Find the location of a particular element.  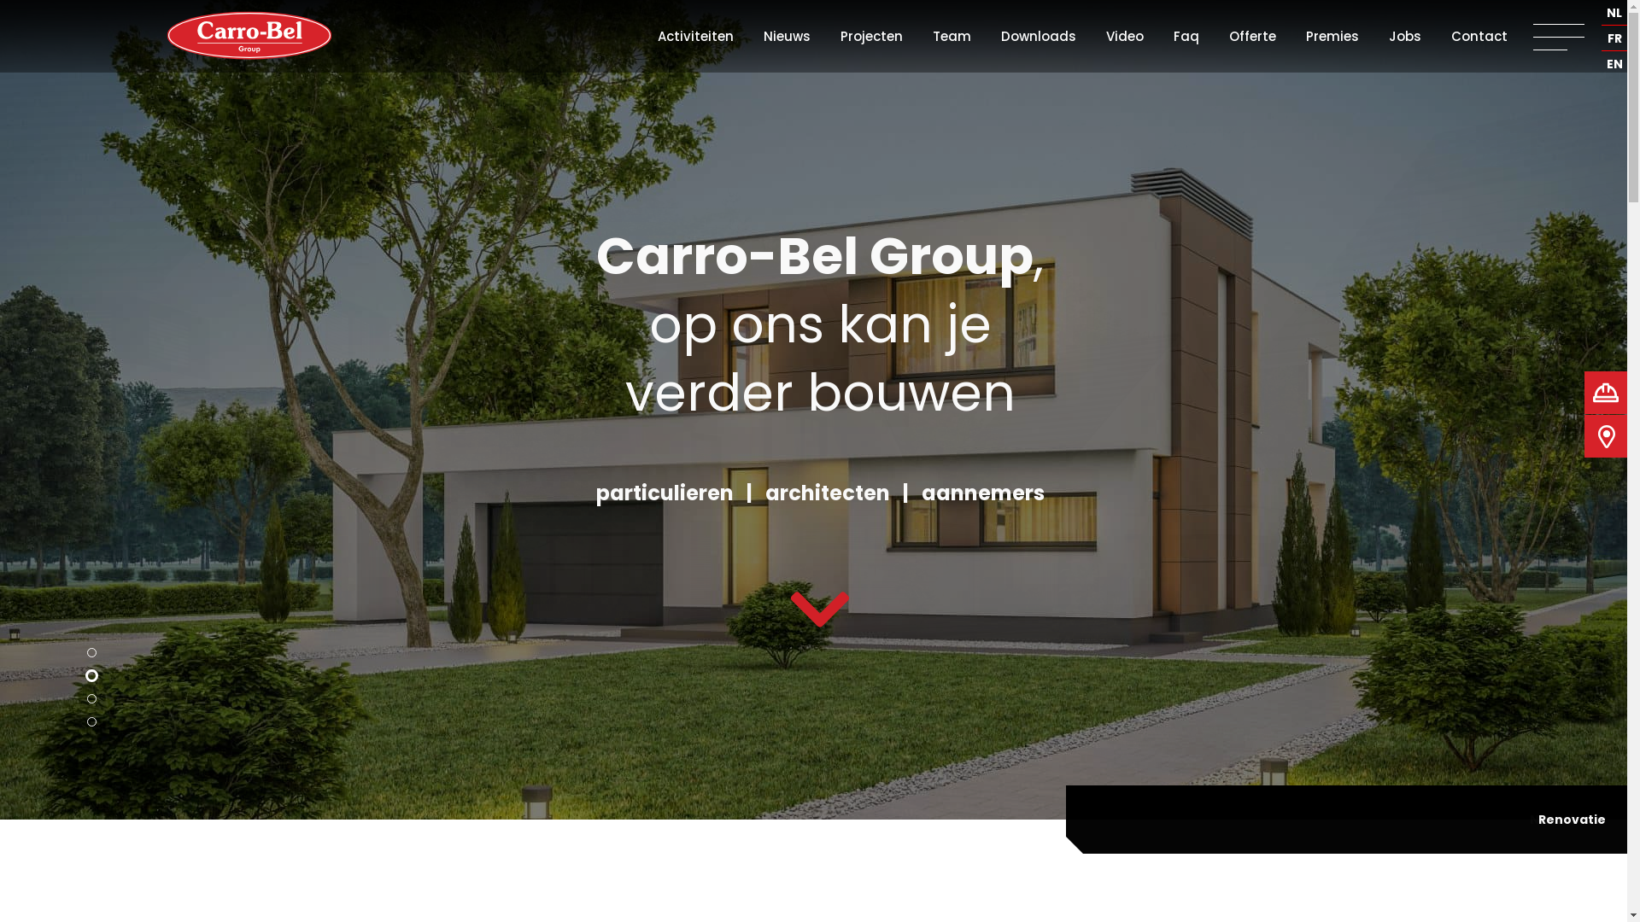

'Jobs' is located at coordinates (1405, 36).